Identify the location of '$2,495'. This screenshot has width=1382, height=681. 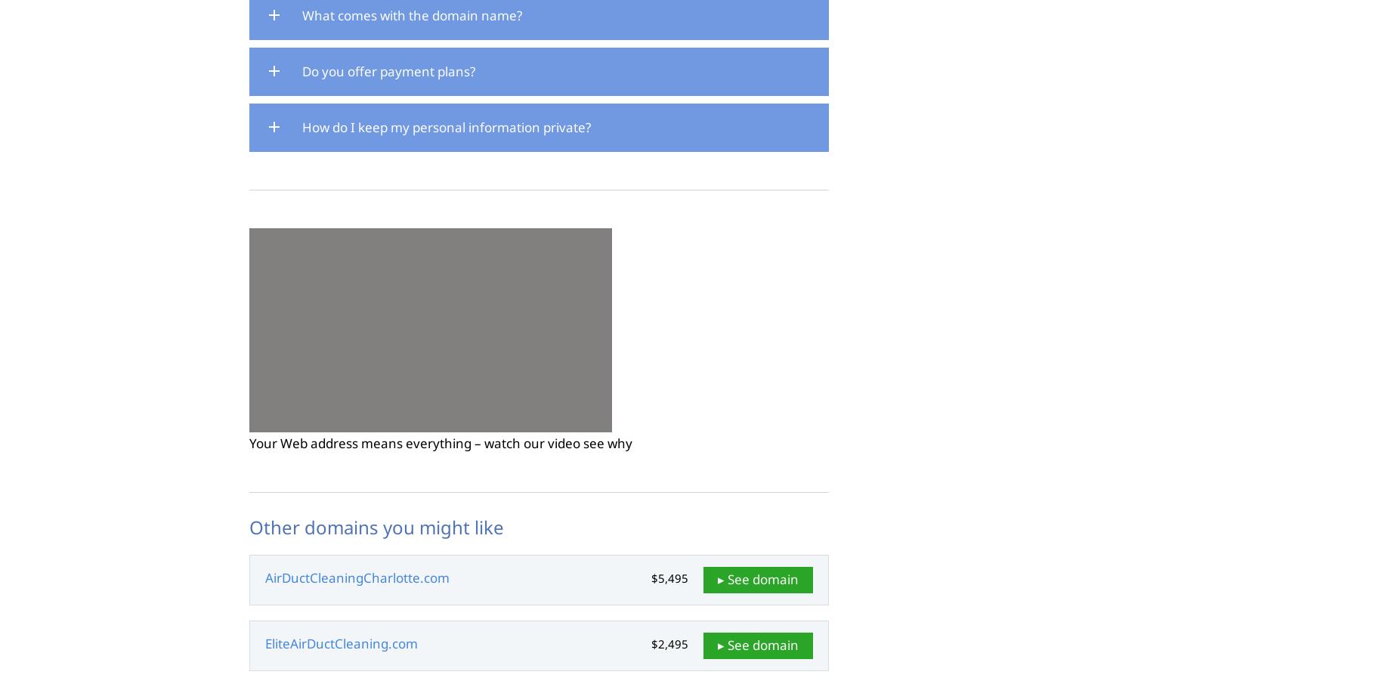
(668, 642).